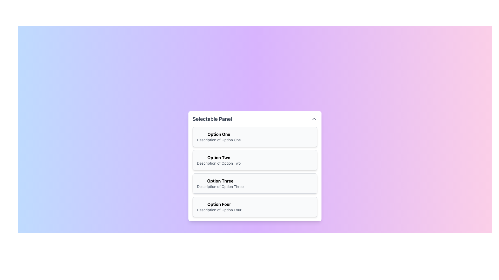 The image size is (499, 280). Describe the element at coordinates (219, 137) in the screenshot. I see `the first list item in the selectable panel component, which has a bold title 'Option One' and a muted description 'Description of Option One'` at that location.